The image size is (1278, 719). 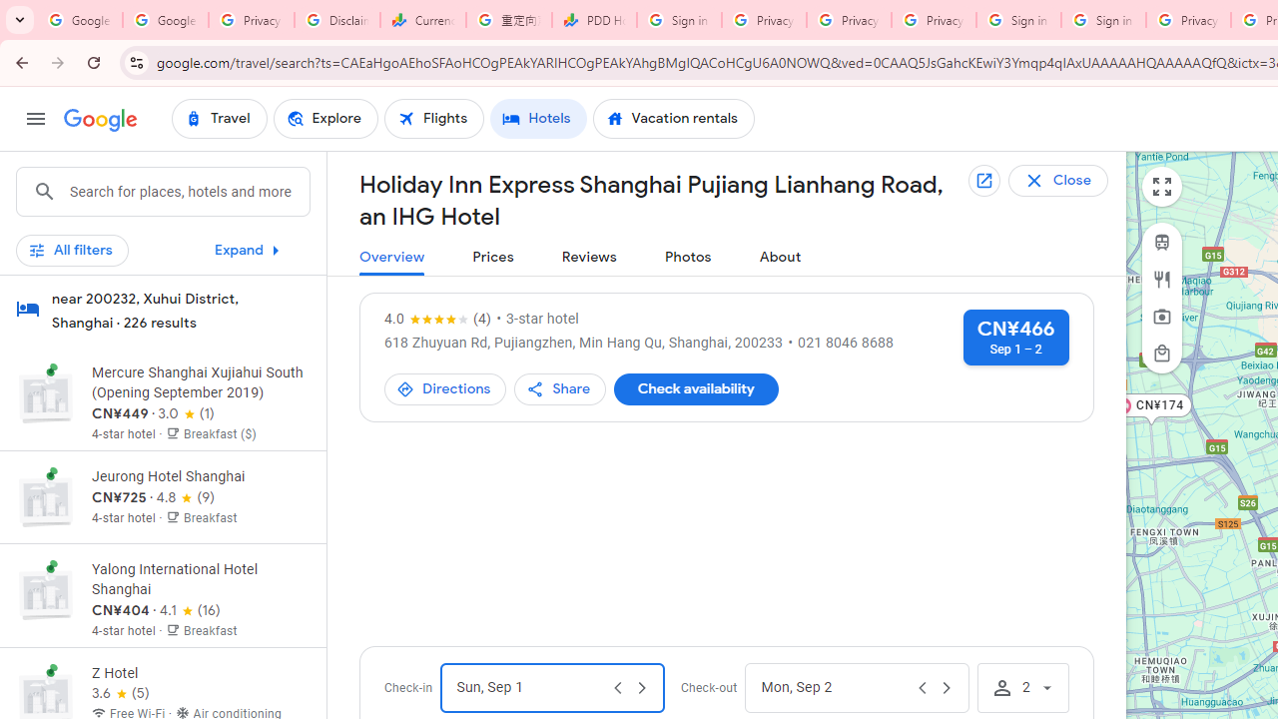 What do you see at coordinates (835, 687) in the screenshot?
I see `'Check-out'` at bounding box center [835, 687].